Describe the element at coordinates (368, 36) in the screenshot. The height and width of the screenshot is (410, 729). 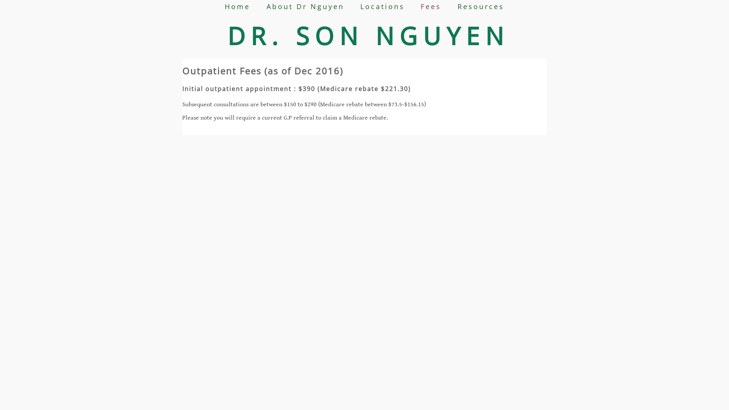
I see `'DR. SON NGUYEN'` at that location.